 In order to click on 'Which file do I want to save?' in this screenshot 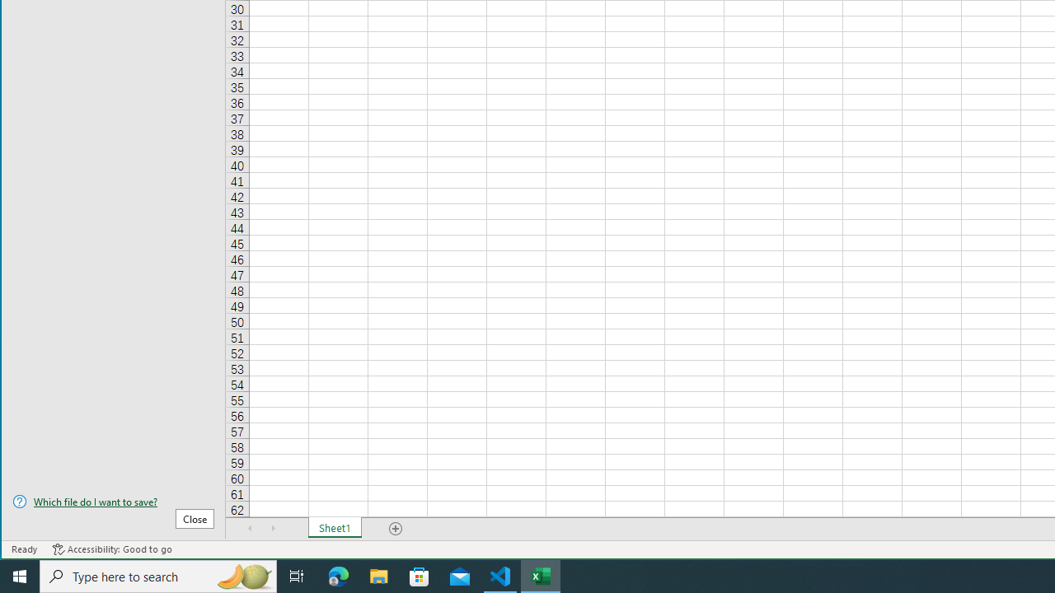, I will do `click(112, 501)`.